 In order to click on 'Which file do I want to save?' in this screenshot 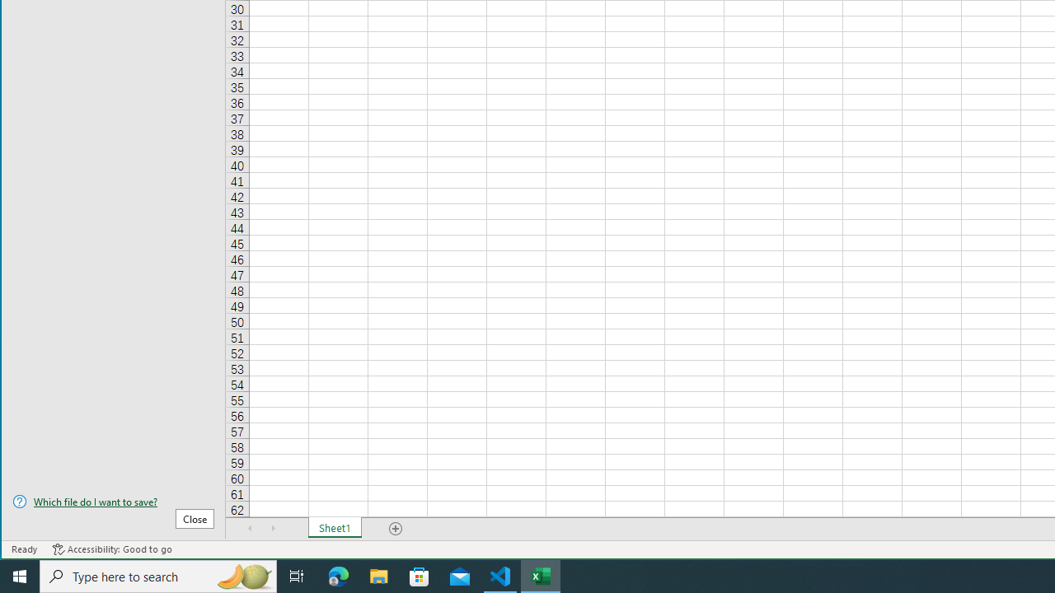, I will do `click(112, 501)`.